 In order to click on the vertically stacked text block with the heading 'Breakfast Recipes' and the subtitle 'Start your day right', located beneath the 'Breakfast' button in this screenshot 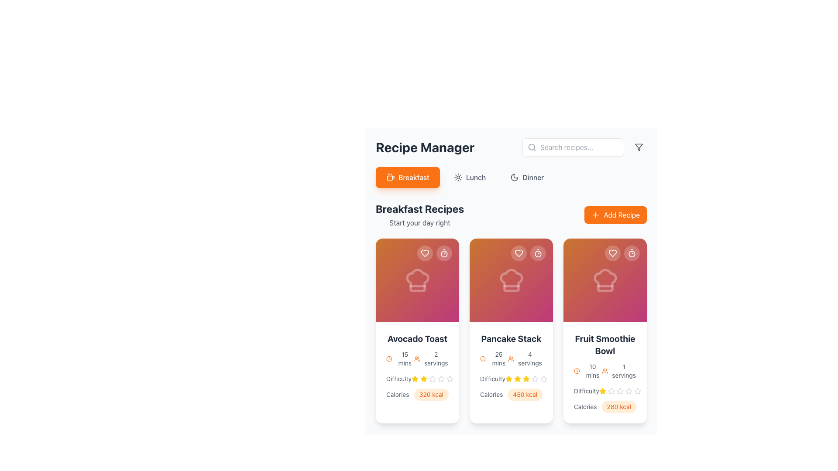, I will do `click(419, 215)`.